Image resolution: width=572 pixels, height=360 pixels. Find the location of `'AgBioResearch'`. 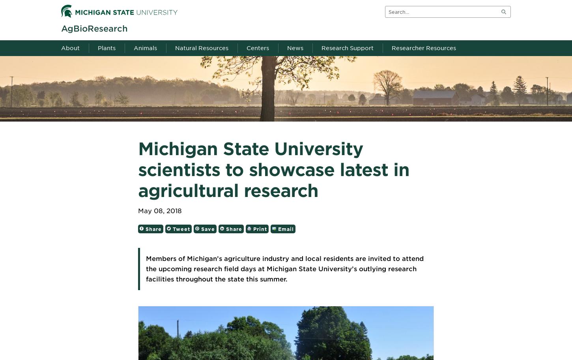

'AgBioResearch' is located at coordinates (94, 28).